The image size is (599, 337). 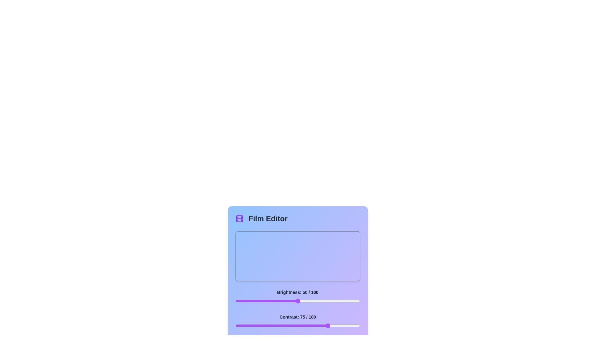 What do you see at coordinates (354, 325) in the screenshot?
I see `the contrast slider to 95%` at bounding box center [354, 325].